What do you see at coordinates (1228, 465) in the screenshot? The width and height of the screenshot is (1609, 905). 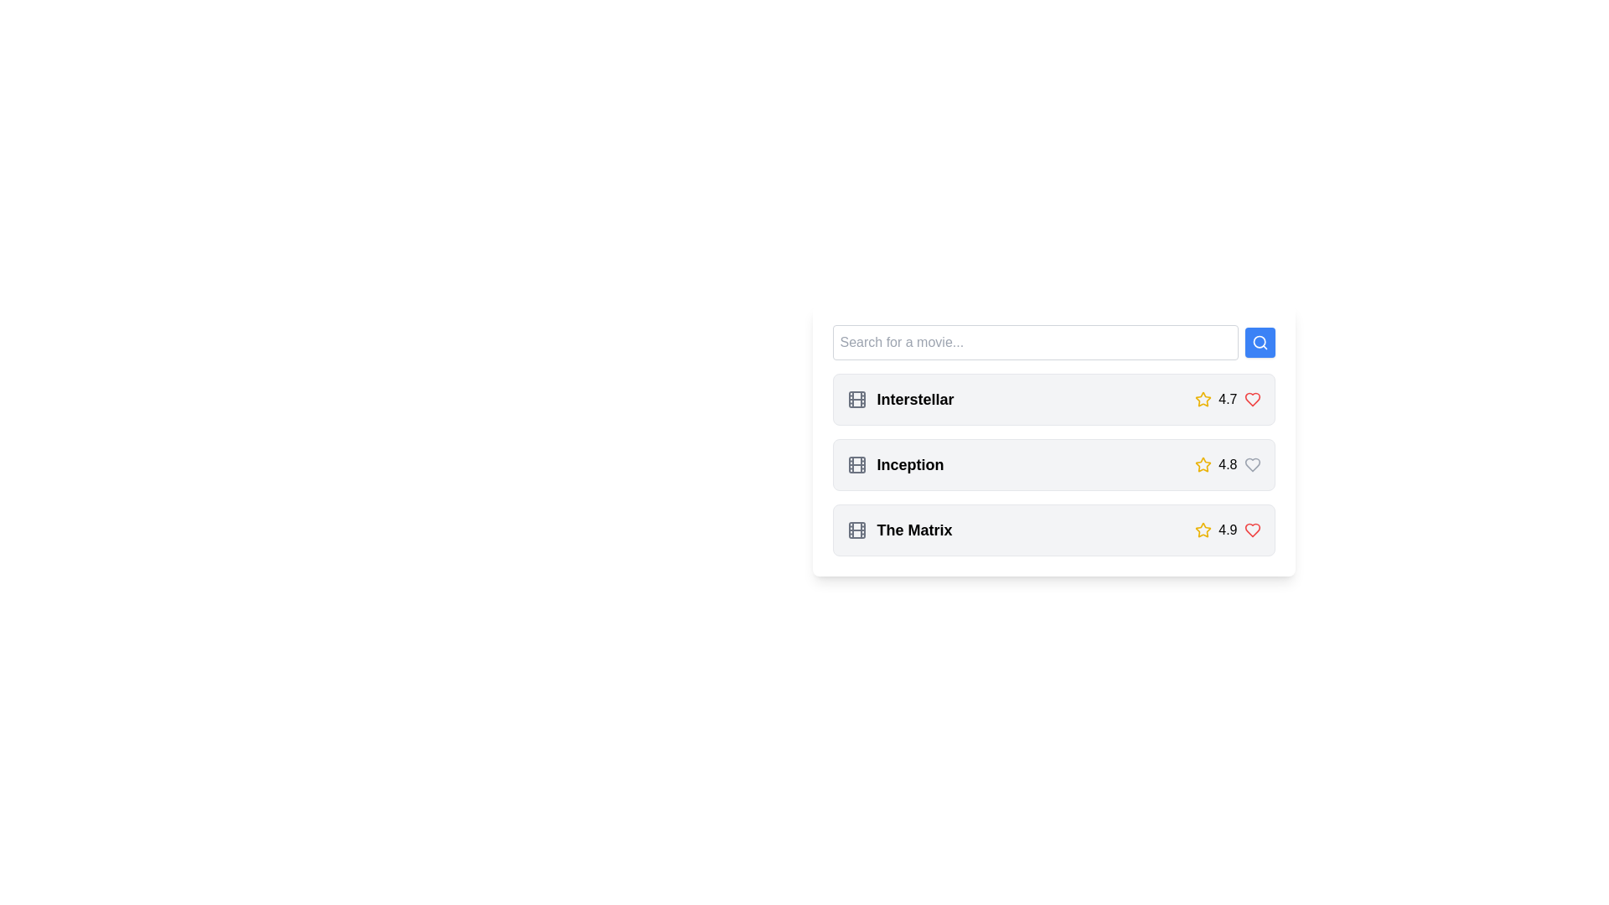 I see `the Rating Display Component showing '4.8' located in the second card for the movie 'Inception', which features a yellow star icon on the left and a gray heart icon on the right` at bounding box center [1228, 465].